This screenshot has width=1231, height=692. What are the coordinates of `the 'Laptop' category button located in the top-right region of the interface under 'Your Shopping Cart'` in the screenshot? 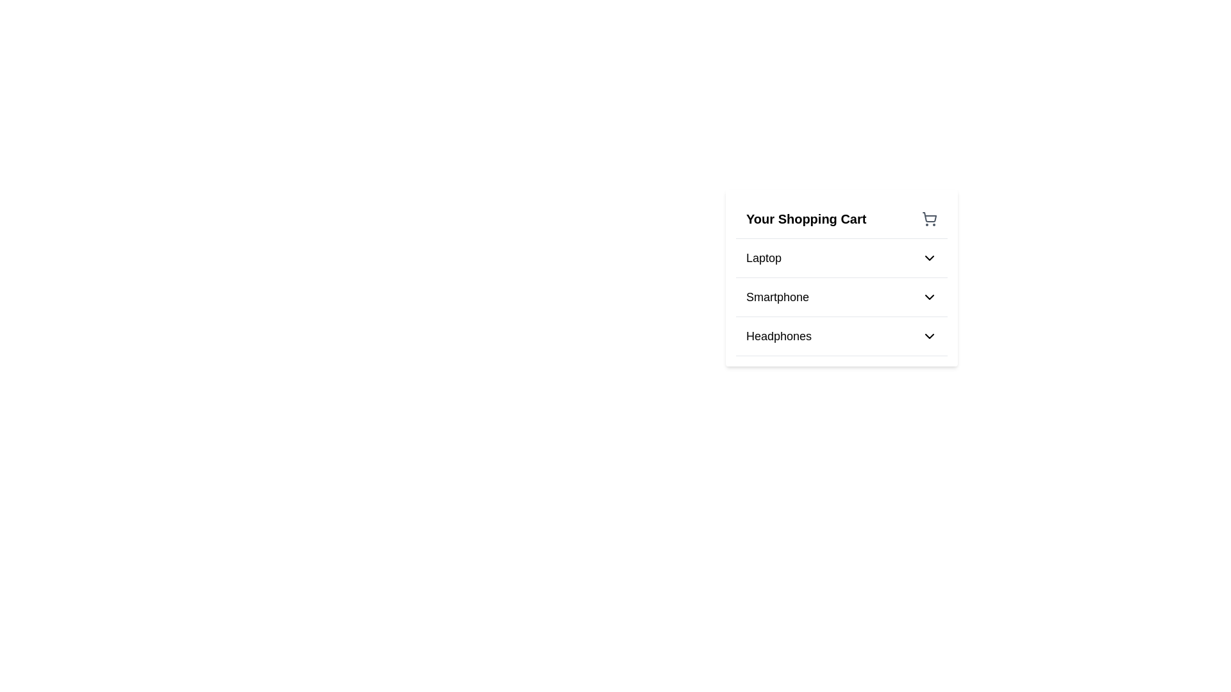 It's located at (842, 258).